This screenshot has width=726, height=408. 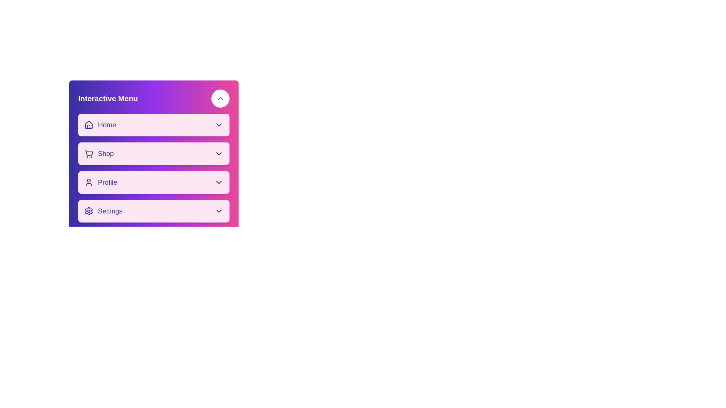 I want to click on the chevron-down icon located at the rightmost part of the 'Profile' entry in the vertical navigation list, so click(x=219, y=182).